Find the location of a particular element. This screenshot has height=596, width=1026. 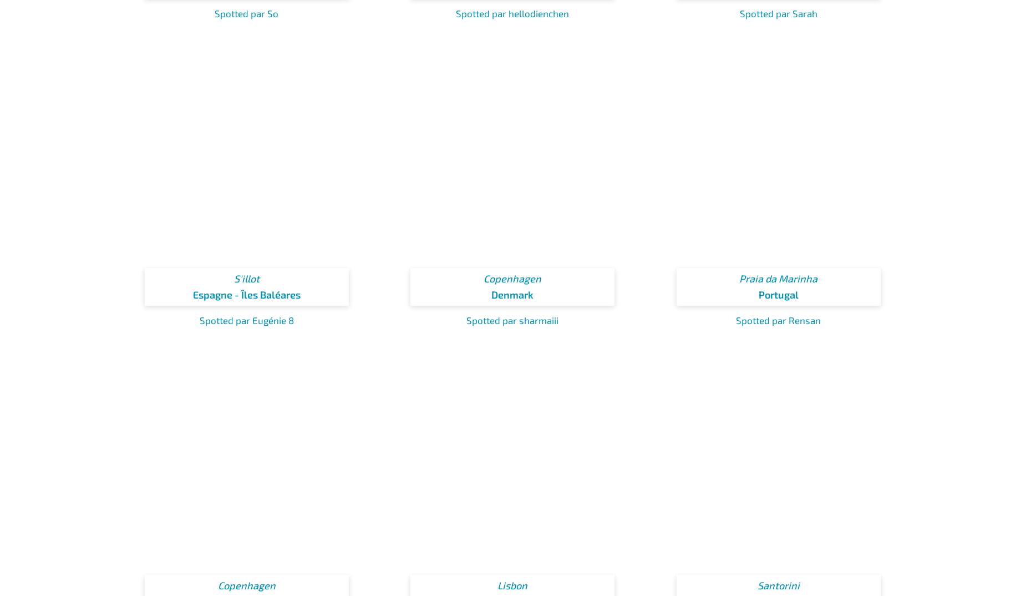

'Espagne - Îles Baléares' is located at coordinates (246, 294).